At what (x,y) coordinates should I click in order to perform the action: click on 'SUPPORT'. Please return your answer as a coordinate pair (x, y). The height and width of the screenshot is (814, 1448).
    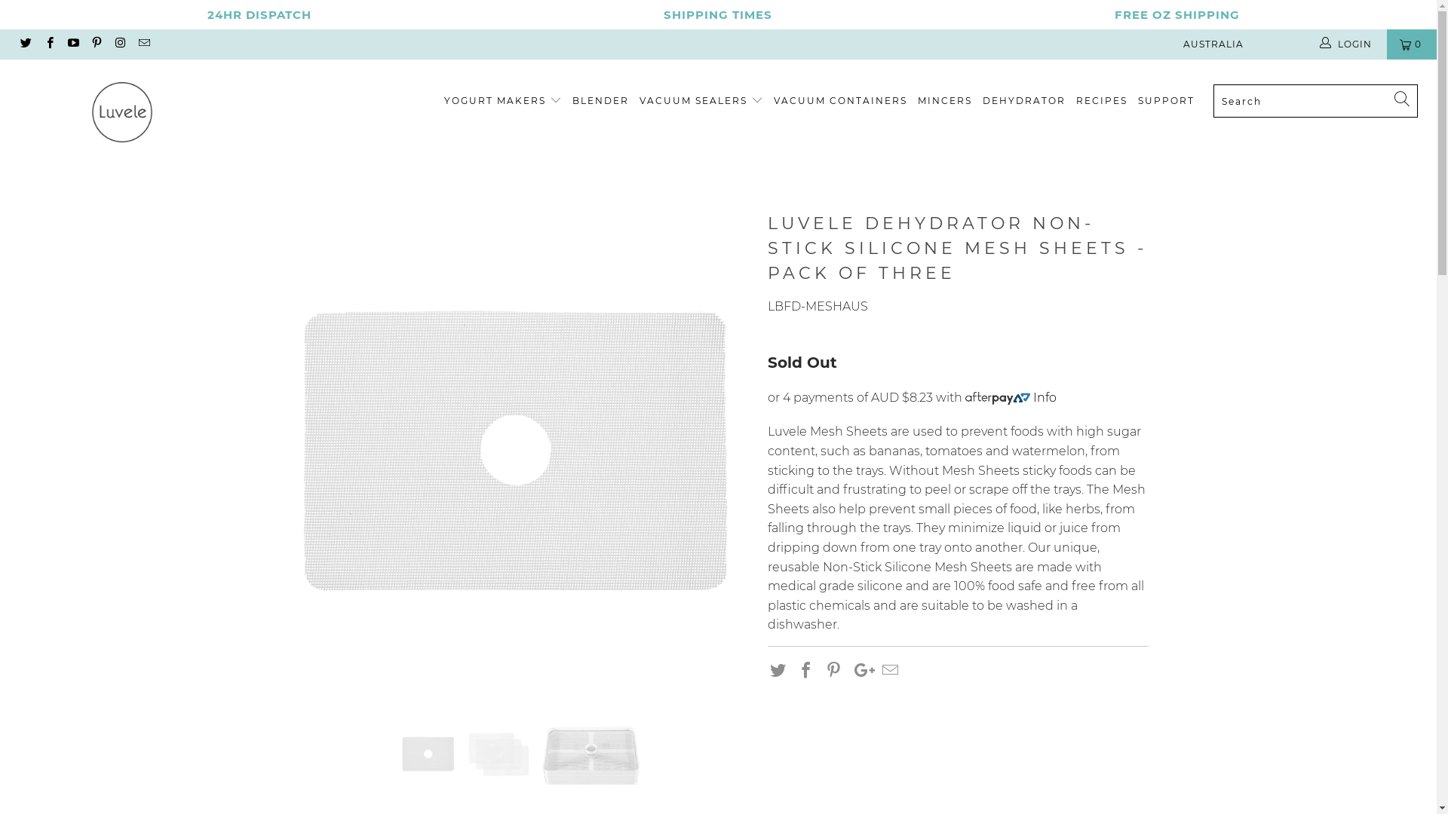
    Looking at the image, I should click on (1165, 101).